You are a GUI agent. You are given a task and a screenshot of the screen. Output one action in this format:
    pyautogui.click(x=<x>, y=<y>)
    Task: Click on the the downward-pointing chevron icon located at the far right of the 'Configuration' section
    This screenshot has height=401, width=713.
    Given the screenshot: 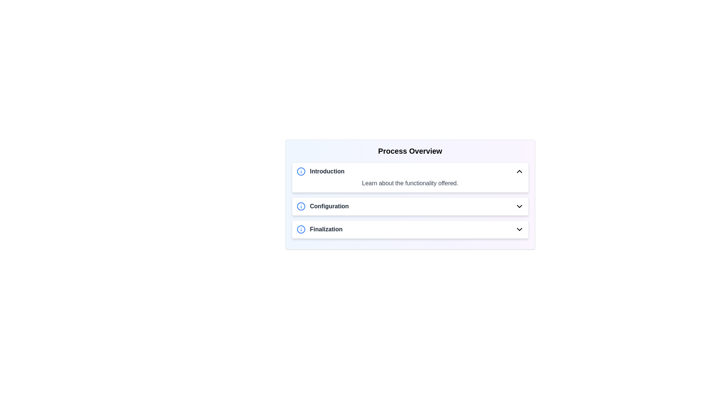 What is the action you would take?
    pyautogui.click(x=519, y=206)
    